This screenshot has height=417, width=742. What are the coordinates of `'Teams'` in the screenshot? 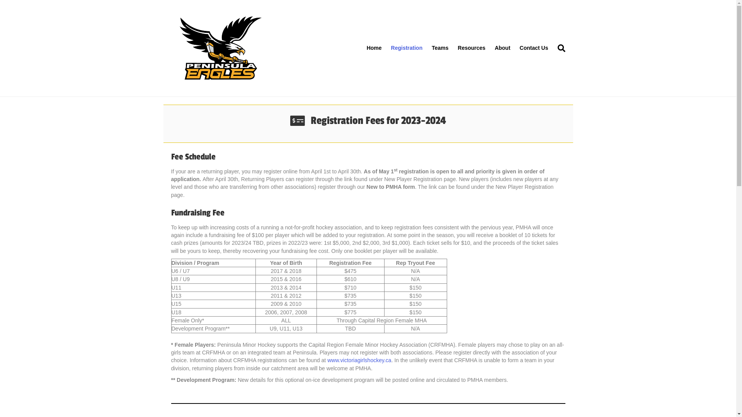 It's located at (426, 48).